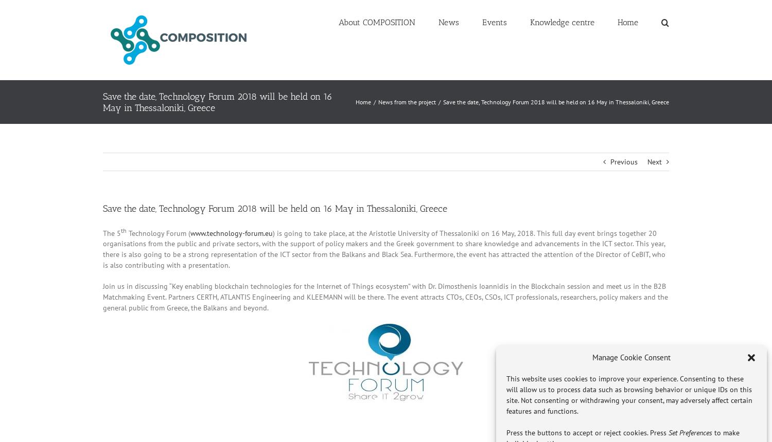 This screenshot has width=772, height=442. I want to click on 'Milestones', so click(363, 88).